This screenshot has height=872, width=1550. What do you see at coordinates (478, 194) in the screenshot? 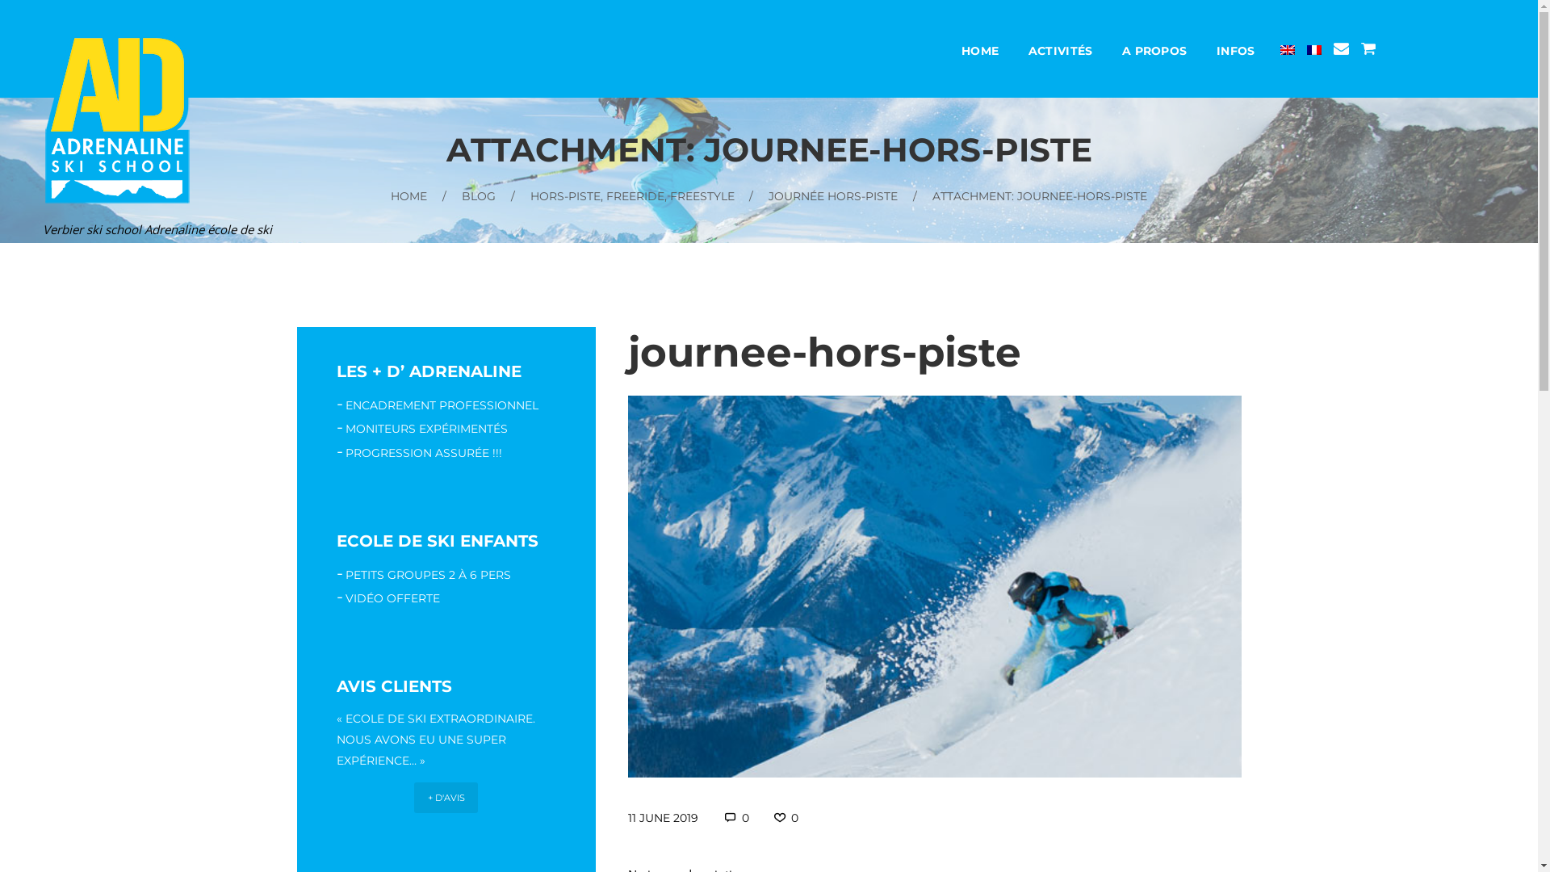
I see `'BLOG'` at bounding box center [478, 194].